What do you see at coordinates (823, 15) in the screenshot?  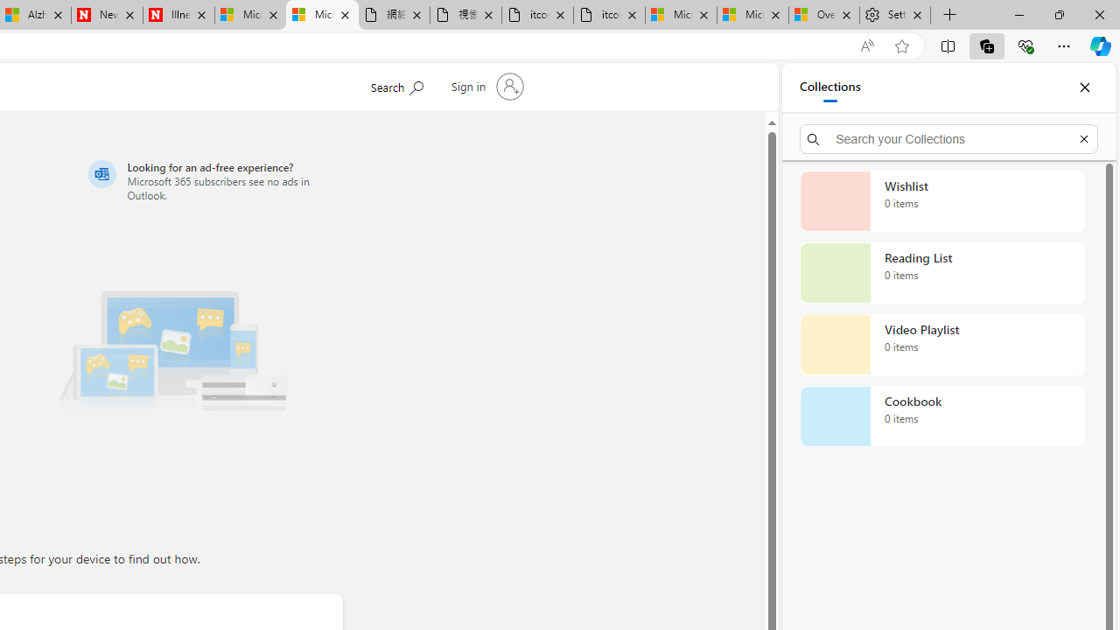 I see `'Overview'` at bounding box center [823, 15].